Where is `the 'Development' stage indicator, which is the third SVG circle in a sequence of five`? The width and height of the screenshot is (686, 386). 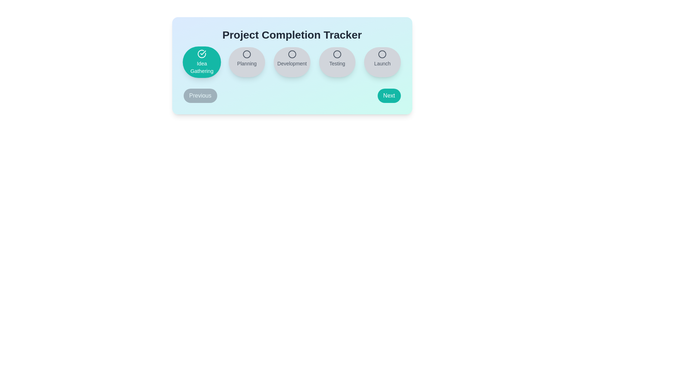 the 'Development' stage indicator, which is the third SVG circle in a sequence of five is located at coordinates (292, 54).